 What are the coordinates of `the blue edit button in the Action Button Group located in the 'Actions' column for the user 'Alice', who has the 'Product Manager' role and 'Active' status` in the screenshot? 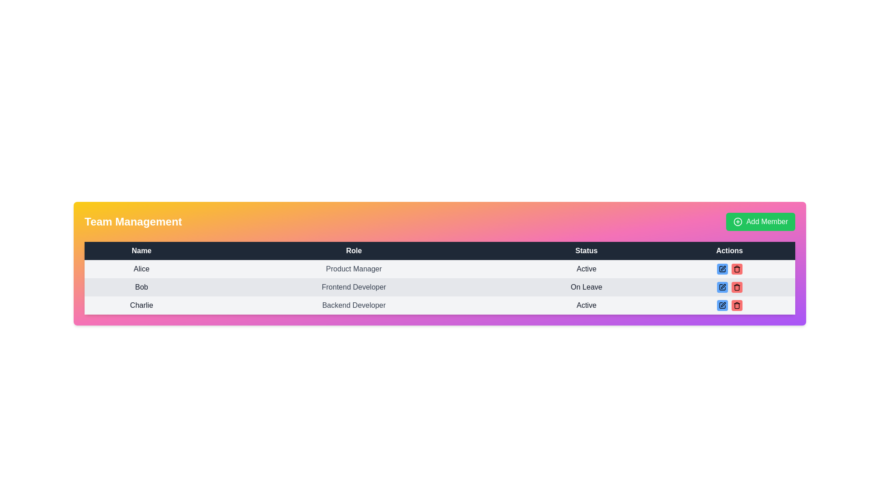 It's located at (729, 268).